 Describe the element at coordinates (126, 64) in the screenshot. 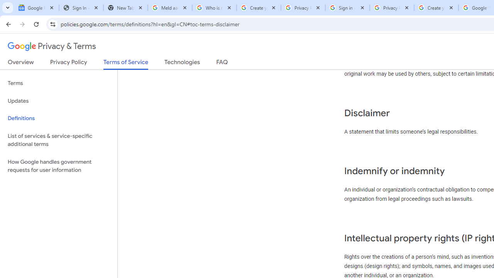

I see `'Terms of Service'` at that location.